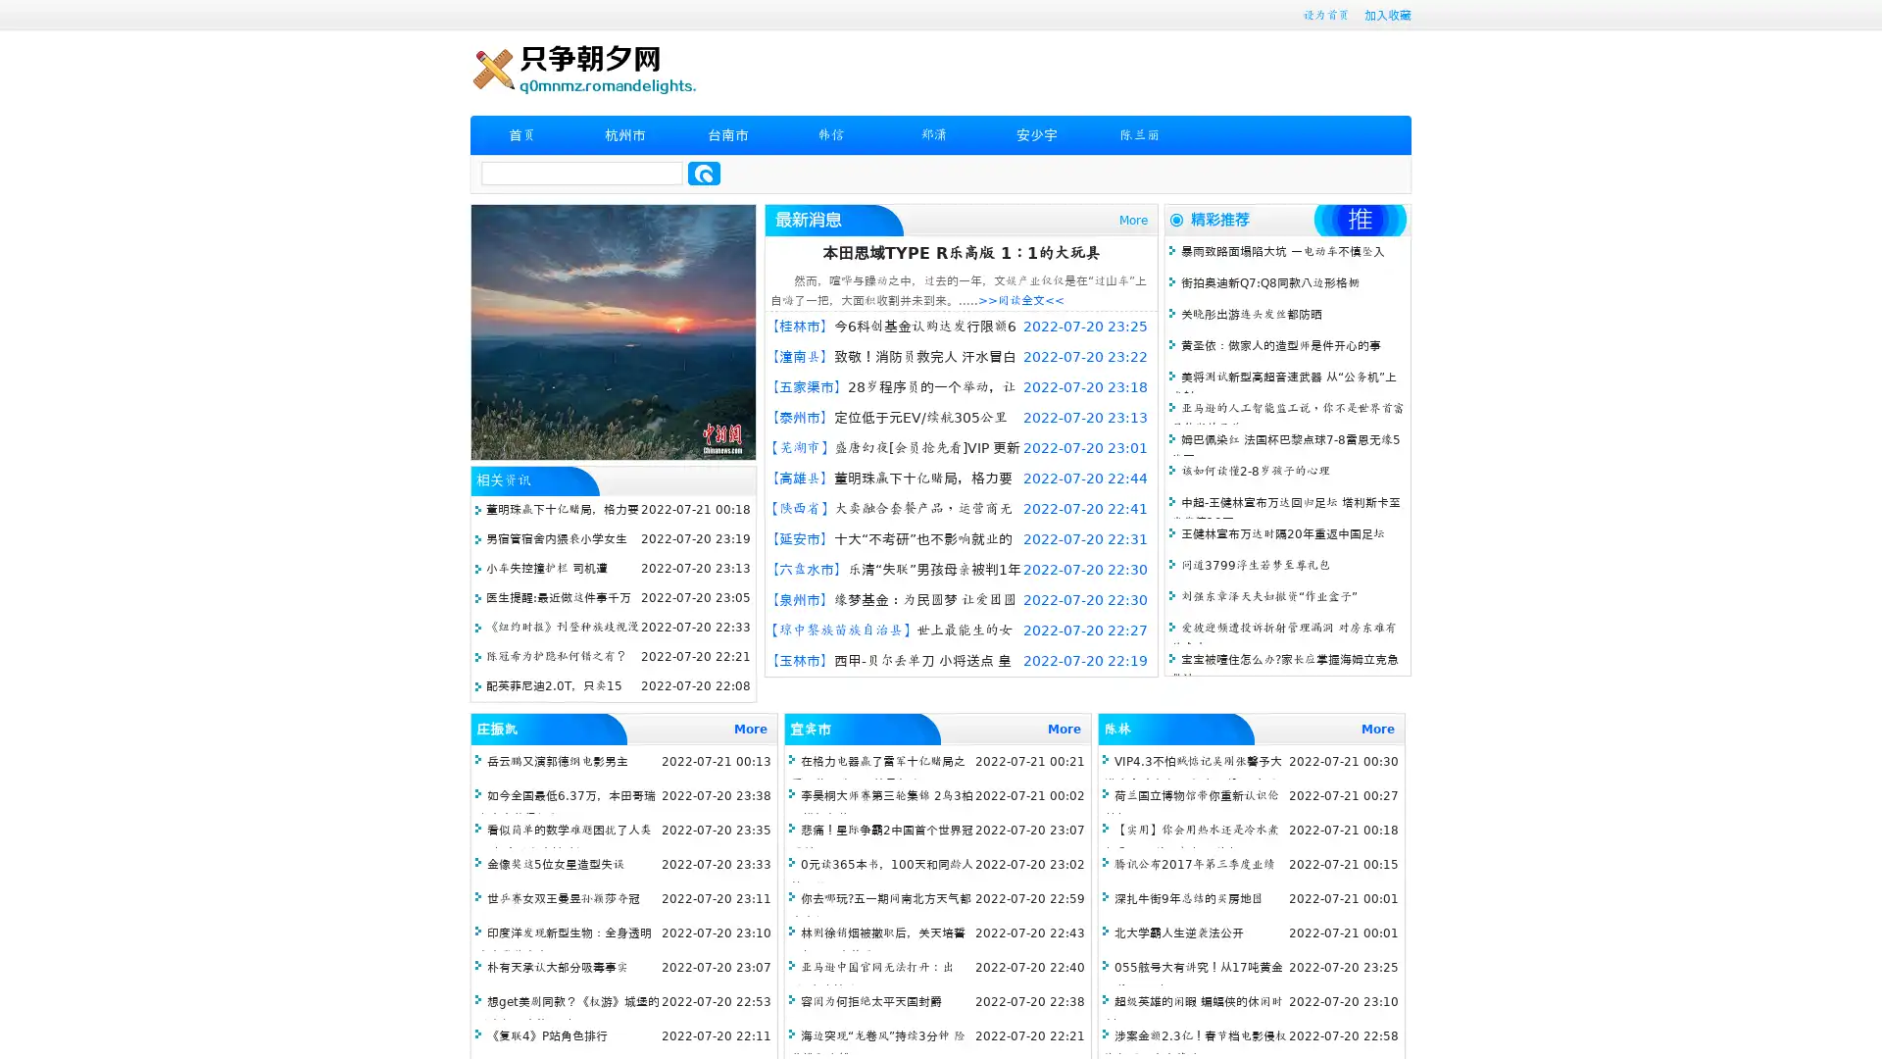 This screenshot has height=1059, width=1882. What do you see at coordinates (704, 173) in the screenshot?
I see `Search` at bounding box center [704, 173].